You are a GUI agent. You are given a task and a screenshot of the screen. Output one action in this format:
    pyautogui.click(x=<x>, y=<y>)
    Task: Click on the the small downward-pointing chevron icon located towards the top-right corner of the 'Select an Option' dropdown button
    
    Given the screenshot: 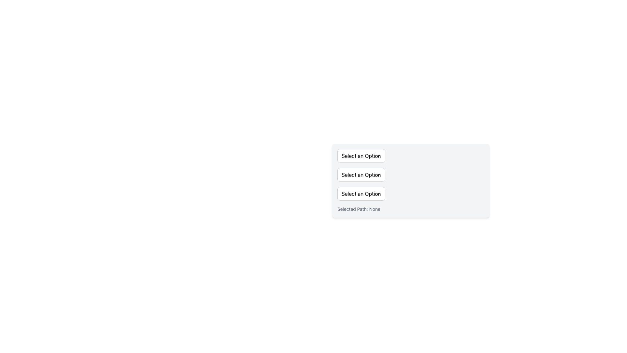 What is the action you would take?
    pyautogui.click(x=378, y=156)
    